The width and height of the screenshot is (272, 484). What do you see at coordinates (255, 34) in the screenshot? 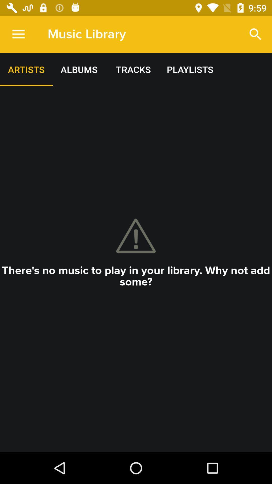
I see `icon to the right of the music library item` at bounding box center [255, 34].